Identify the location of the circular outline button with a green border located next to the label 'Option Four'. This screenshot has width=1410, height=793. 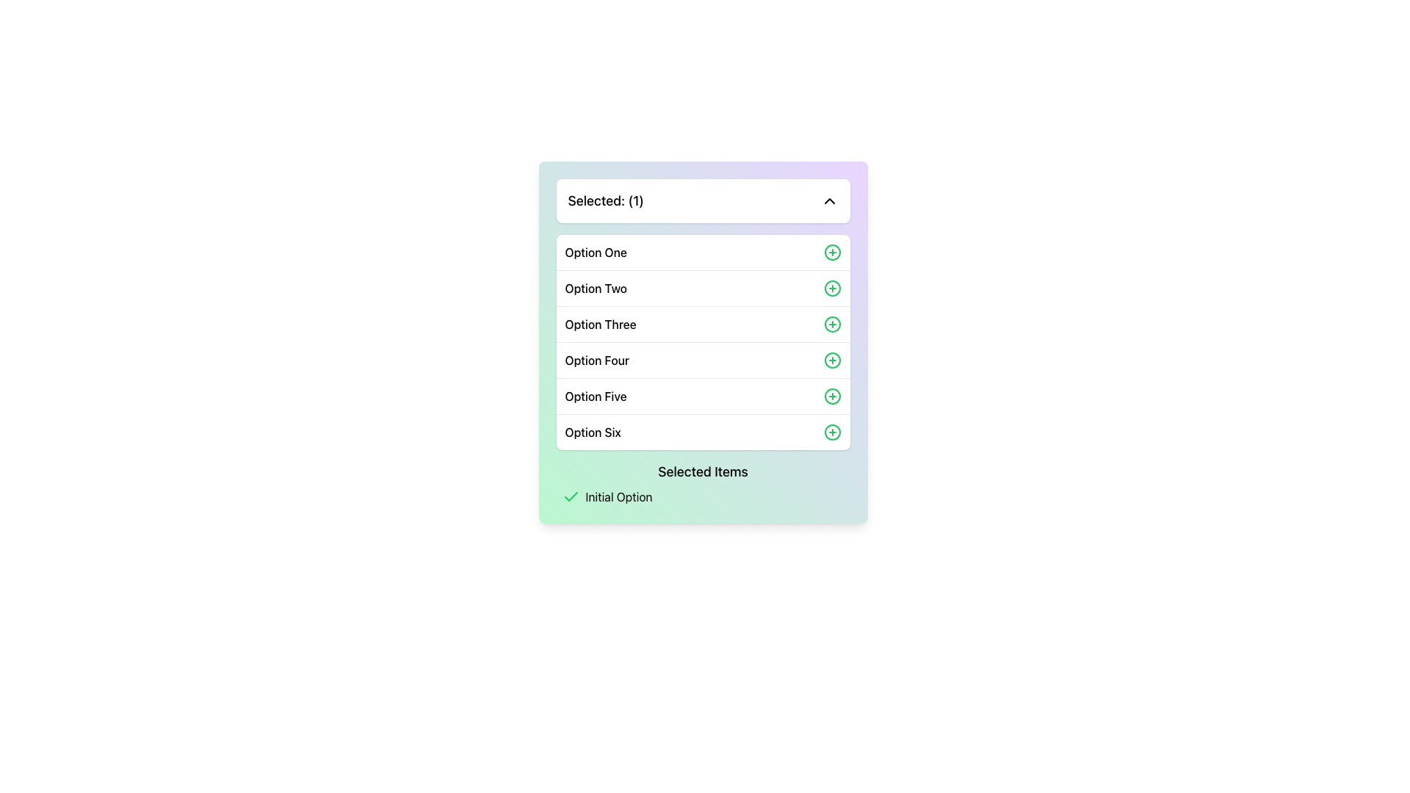
(832, 360).